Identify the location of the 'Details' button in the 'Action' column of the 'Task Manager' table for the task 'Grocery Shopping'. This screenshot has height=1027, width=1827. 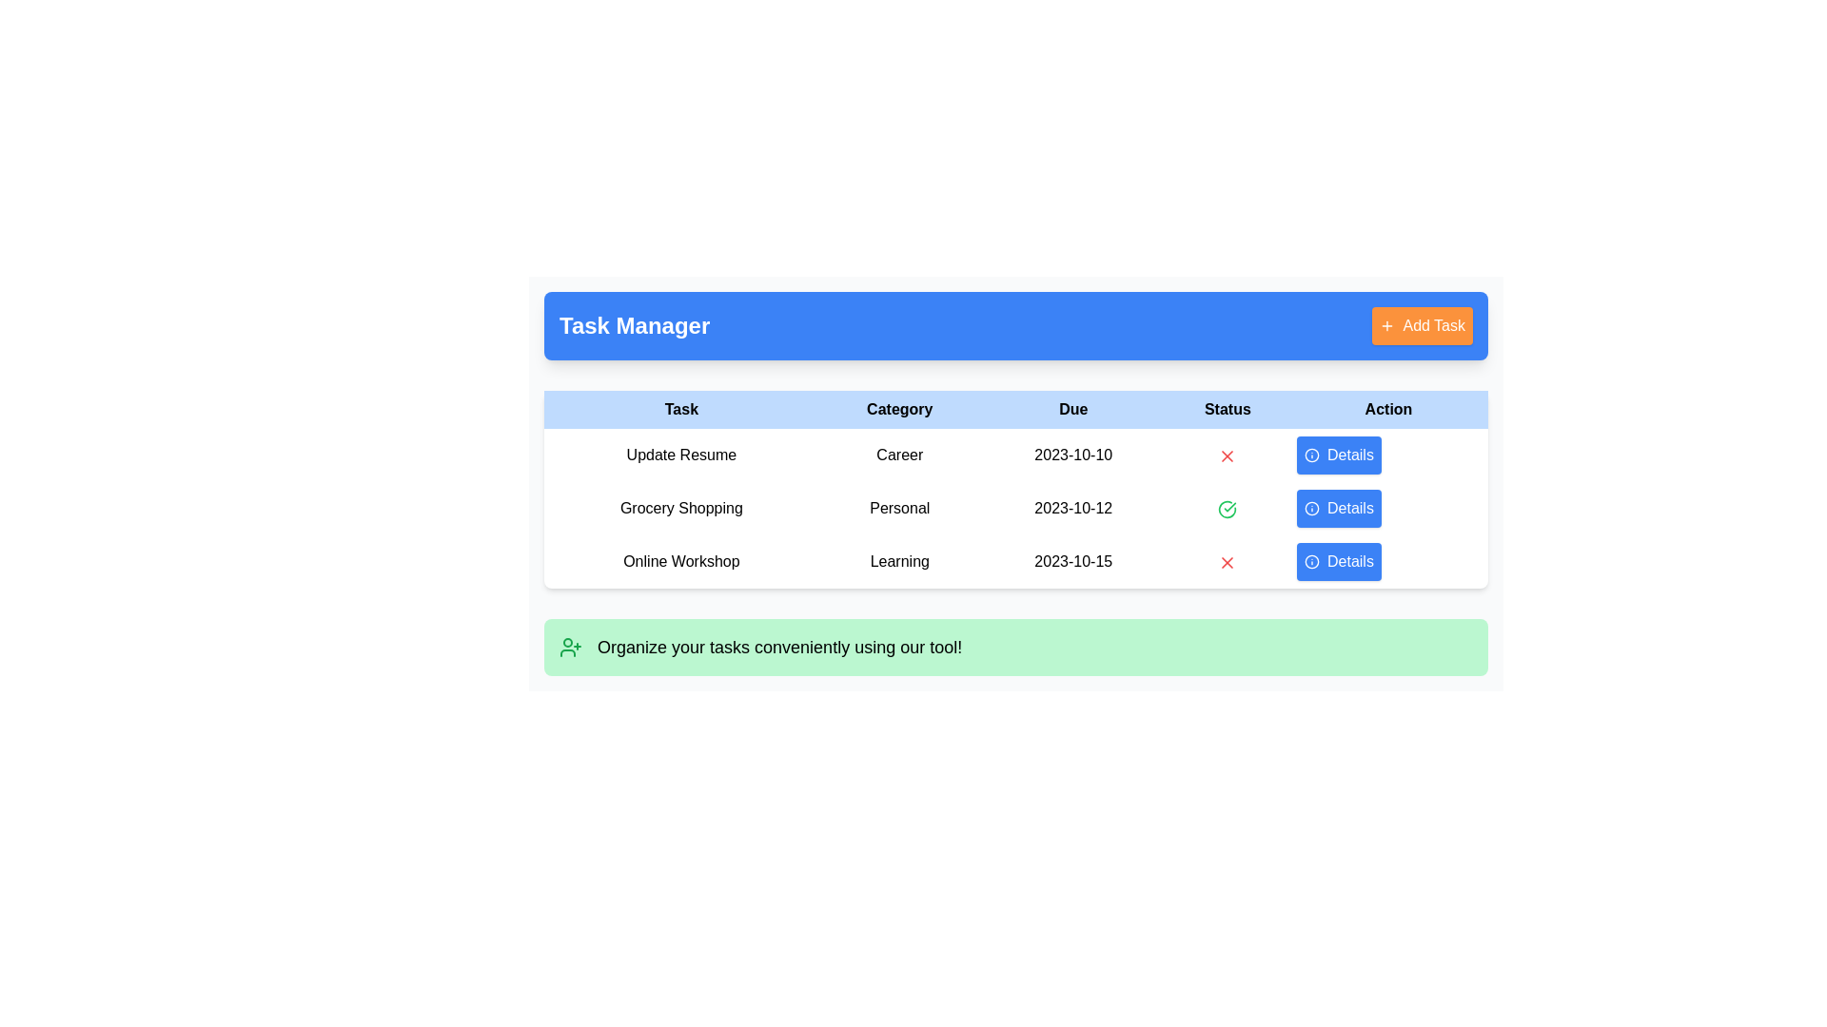
(1388, 508).